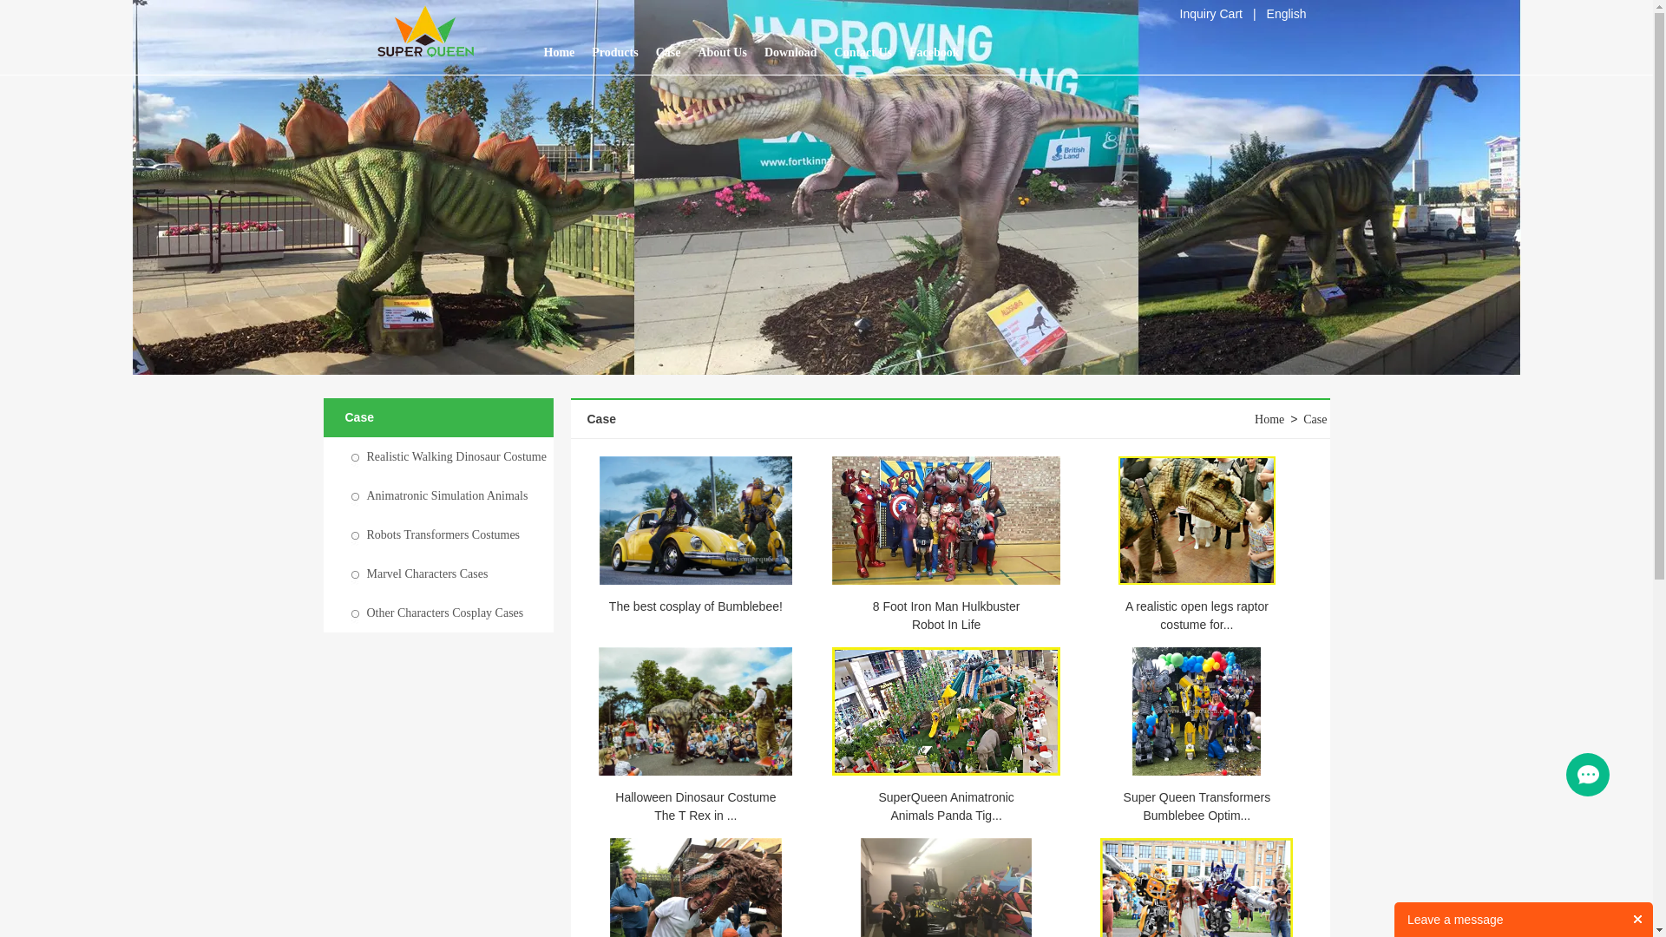 This screenshot has width=1666, height=937. I want to click on 'Super Queen Transformers Bumblebee Optimus prime in', so click(1195, 710).